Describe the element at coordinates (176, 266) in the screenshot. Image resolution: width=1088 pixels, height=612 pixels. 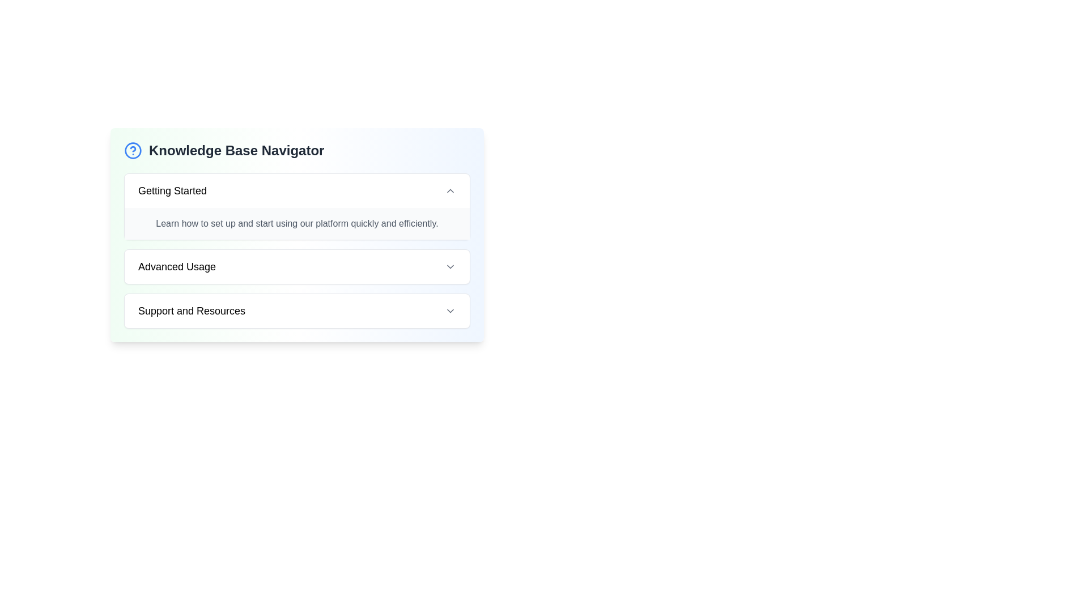
I see `the 'Advanced Usage' text label in the 'Knowledge Base Navigator' section` at that location.